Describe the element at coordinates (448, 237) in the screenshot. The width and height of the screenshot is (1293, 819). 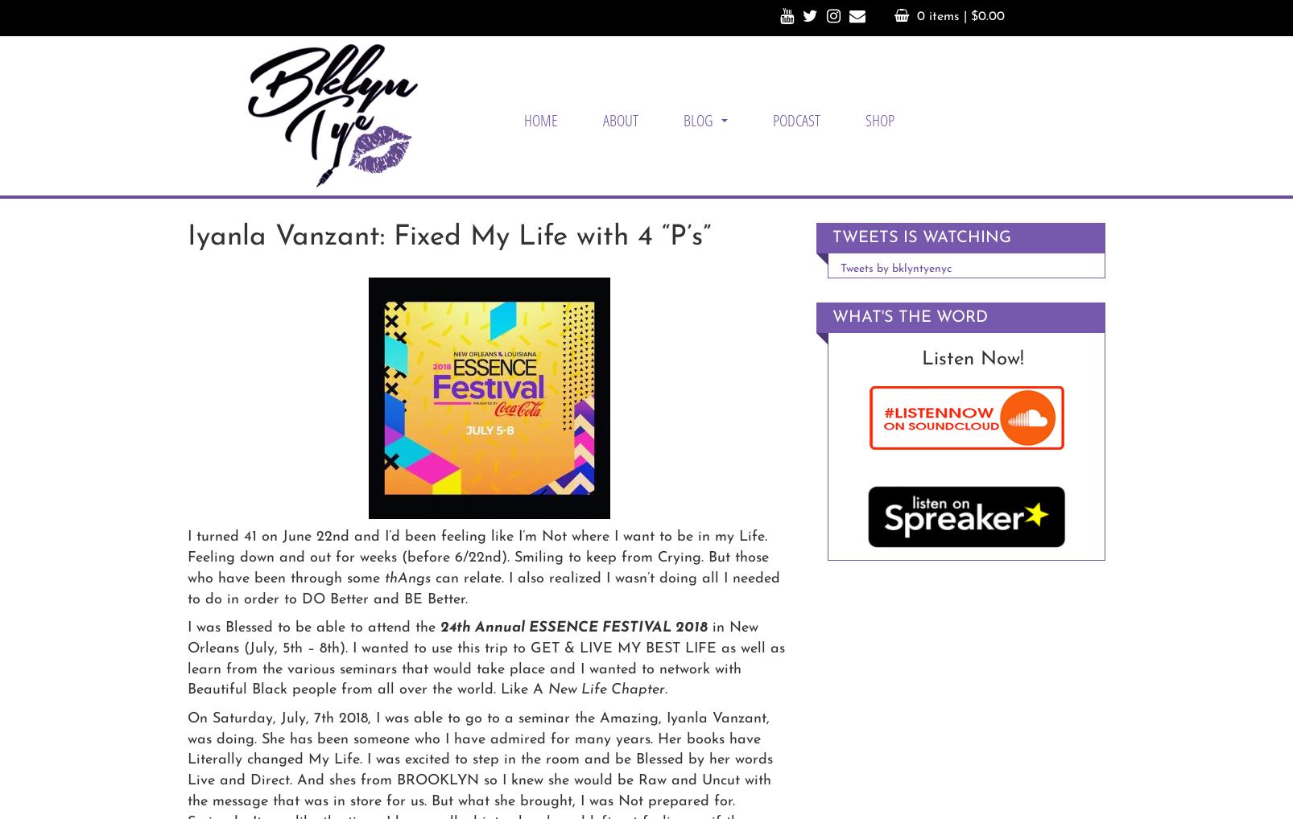
I see `'Iyanla Vanzant: Fixed My Life with 4 “P’s”'` at that location.